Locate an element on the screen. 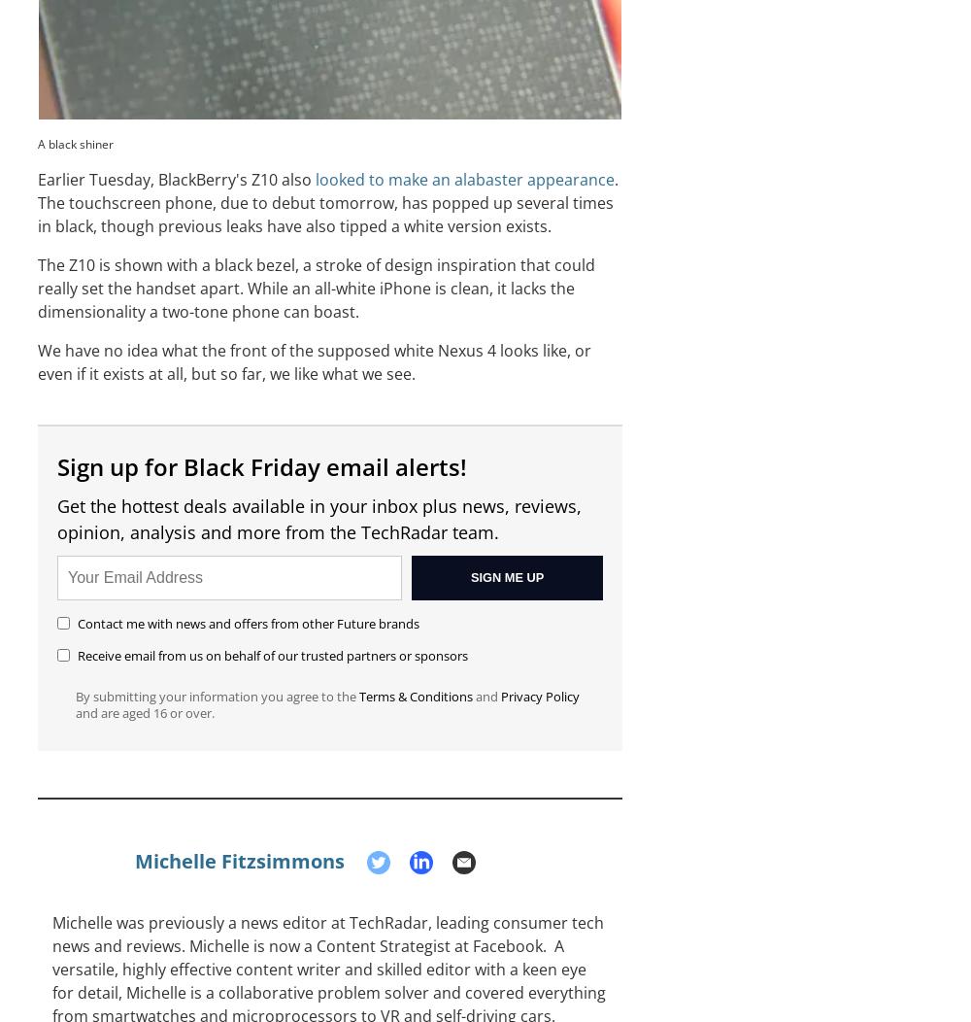 The width and height of the screenshot is (971, 1022). 'By submitting your information you agree to the' is located at coordinates (75, 697).